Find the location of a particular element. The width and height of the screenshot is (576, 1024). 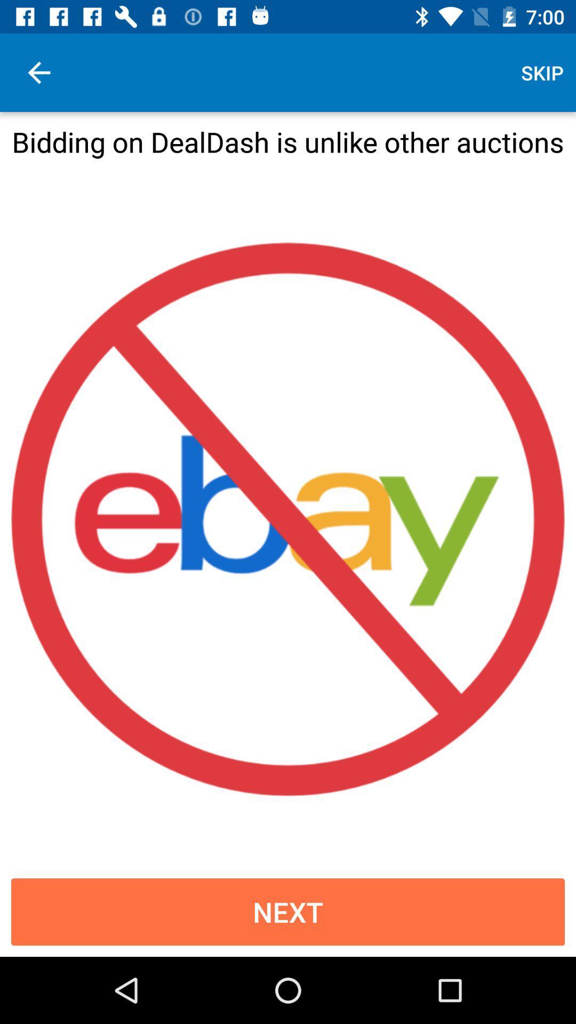

item above the bidding on dealdash item is located at coordinates (542, 72).